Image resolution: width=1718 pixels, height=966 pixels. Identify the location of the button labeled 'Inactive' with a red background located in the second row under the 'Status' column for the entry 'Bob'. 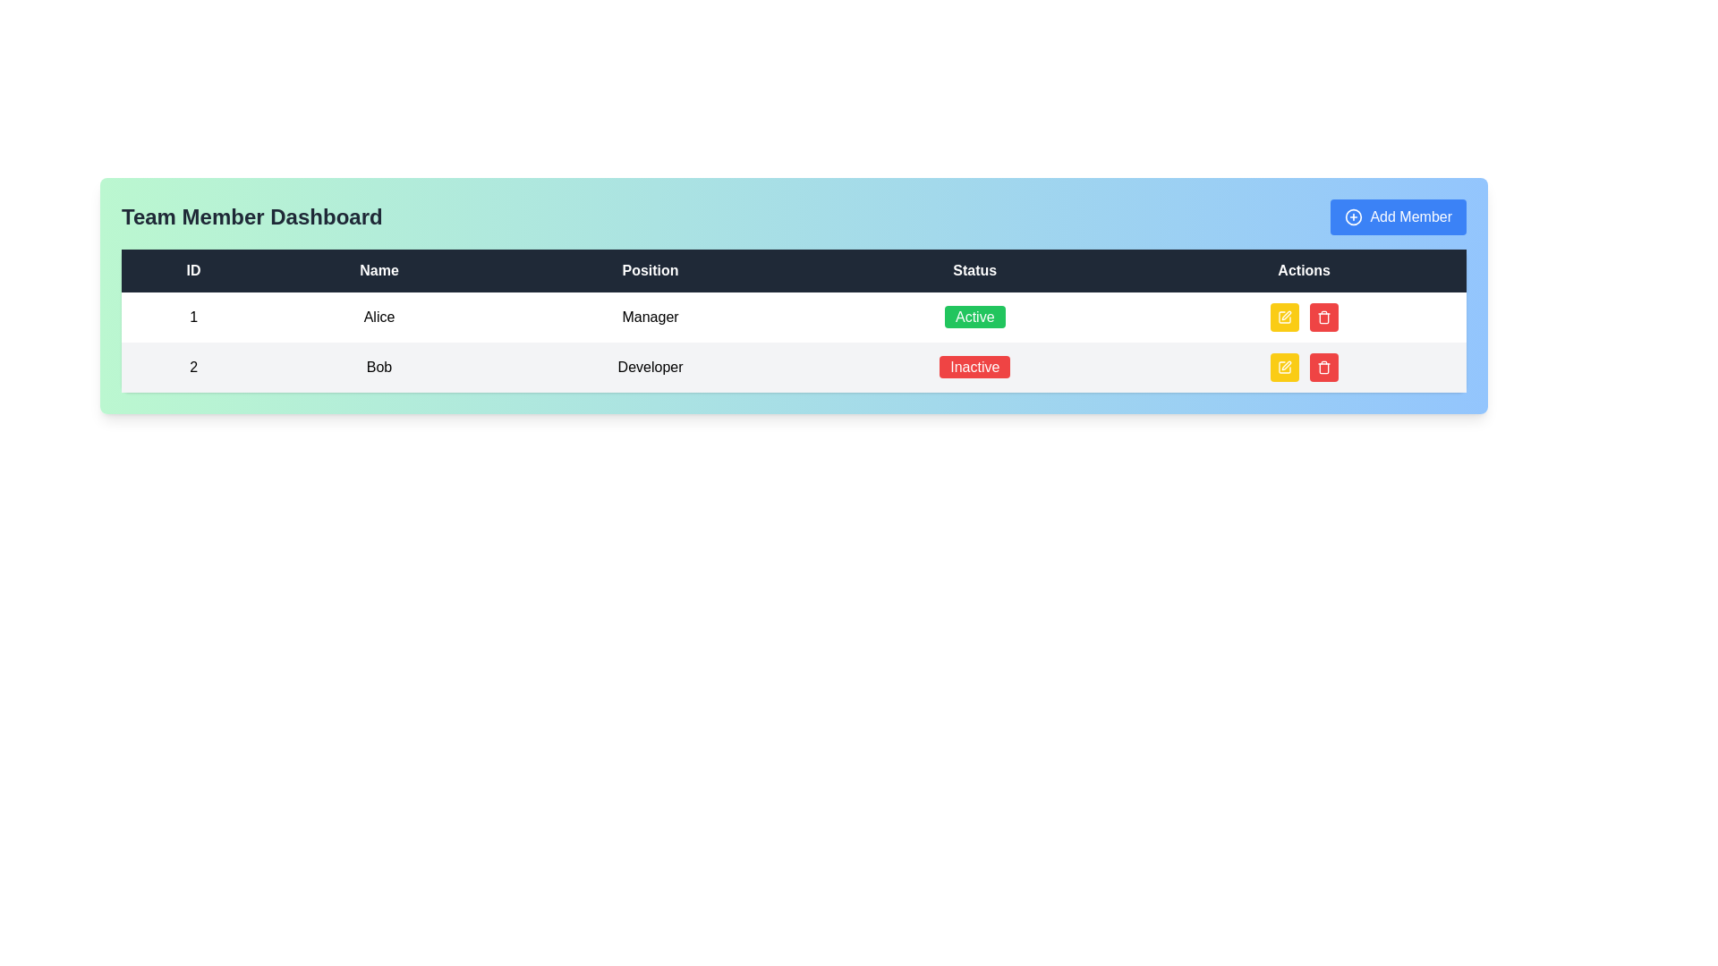
(974, 367).